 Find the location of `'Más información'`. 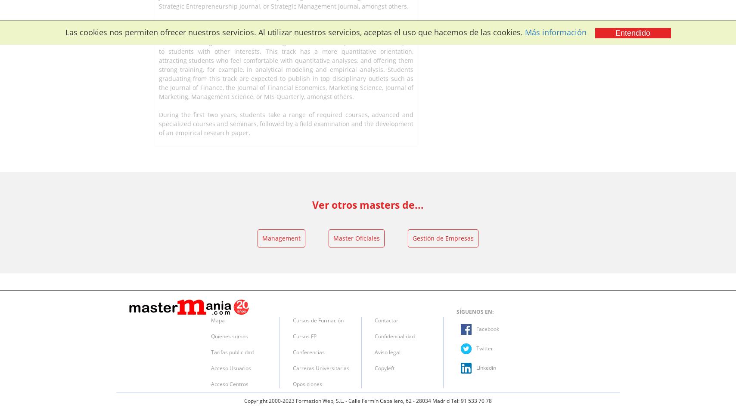

'Más información' is located at coordinates (555, 32).